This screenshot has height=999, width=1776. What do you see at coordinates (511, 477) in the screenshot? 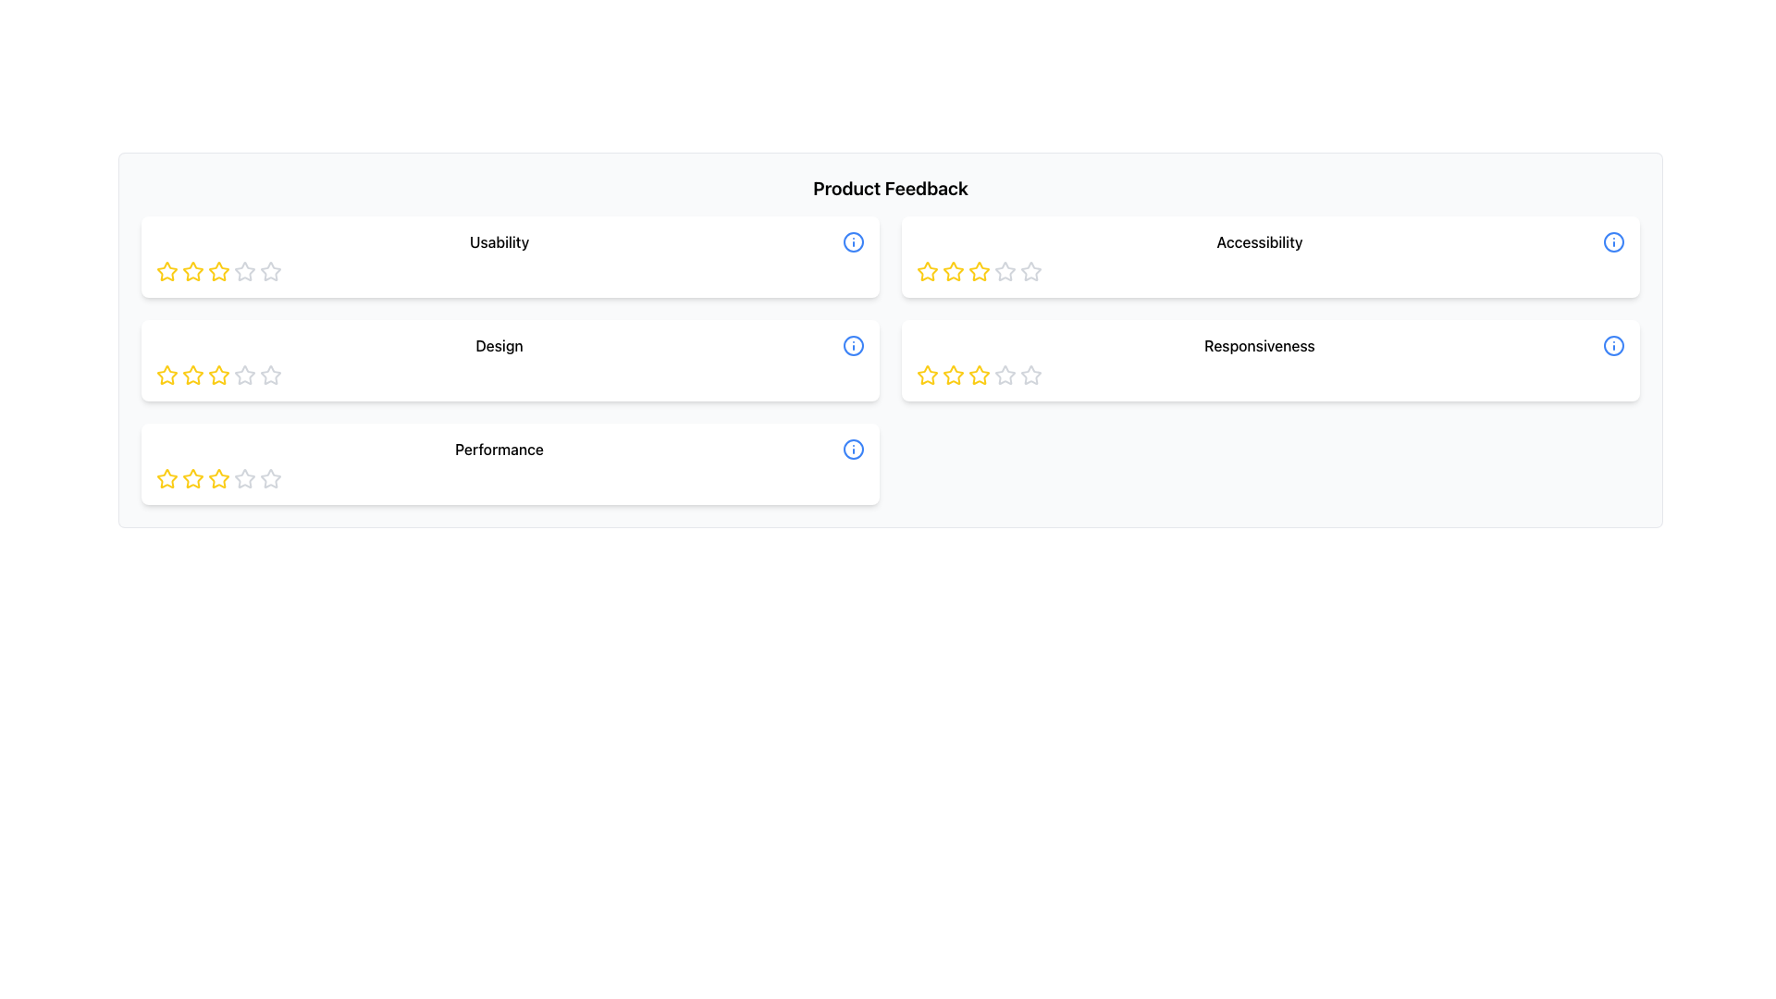
I see `a star in the Interactive rating stars component located at the bottom of the 'Performance' card` at bounding box center [511, 477].